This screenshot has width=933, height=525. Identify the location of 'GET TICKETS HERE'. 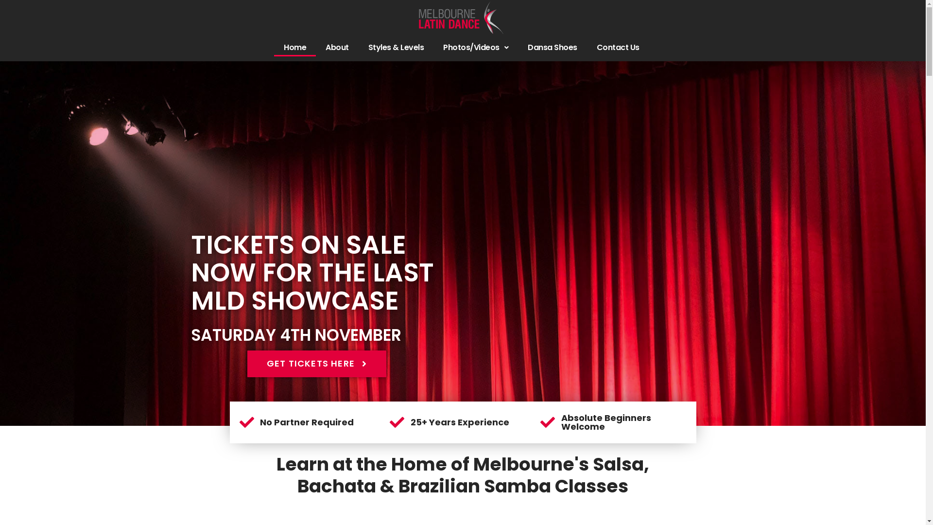
(317, 364).